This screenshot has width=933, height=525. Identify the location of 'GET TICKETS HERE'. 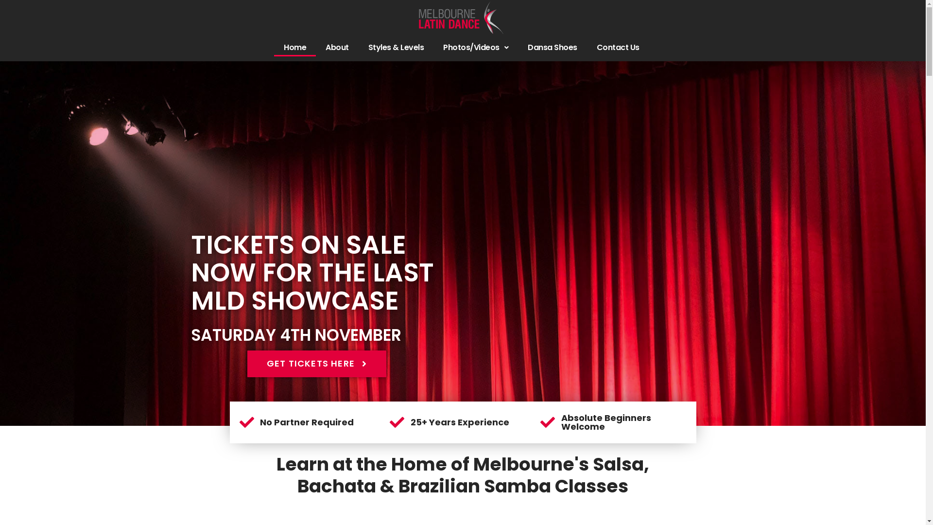
(317, 364).